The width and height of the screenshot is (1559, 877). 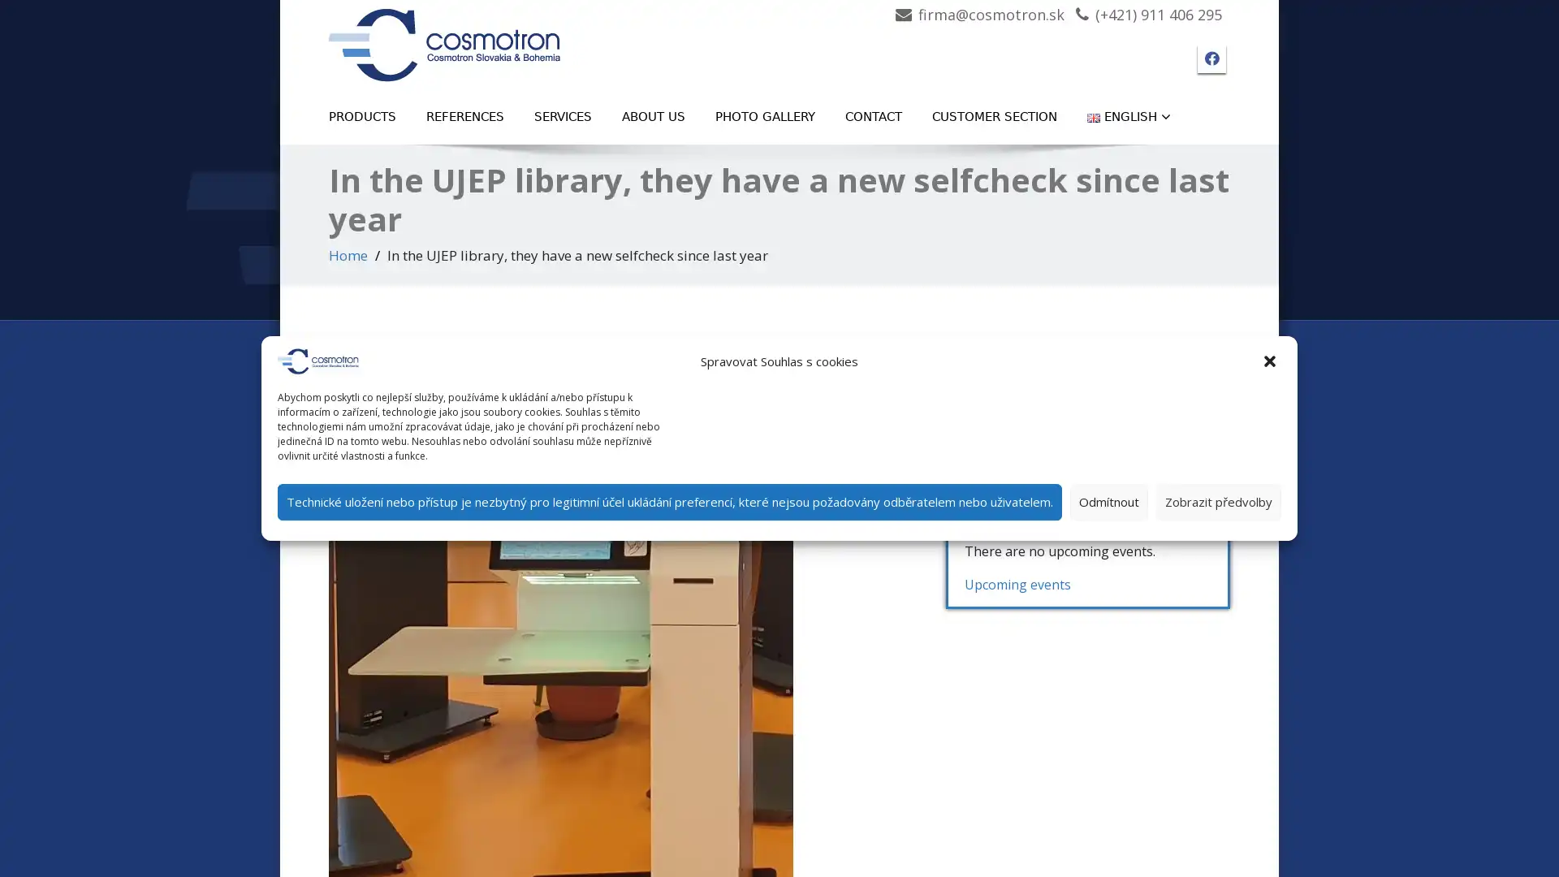 I want to click on Technicke ulozeni nebo pristup je nezbytny pro legitimni ucel ukladani preferenci, ktere nejsou pozadovany odberatelem nebo uzivatelem., so click(x=670, y=500).